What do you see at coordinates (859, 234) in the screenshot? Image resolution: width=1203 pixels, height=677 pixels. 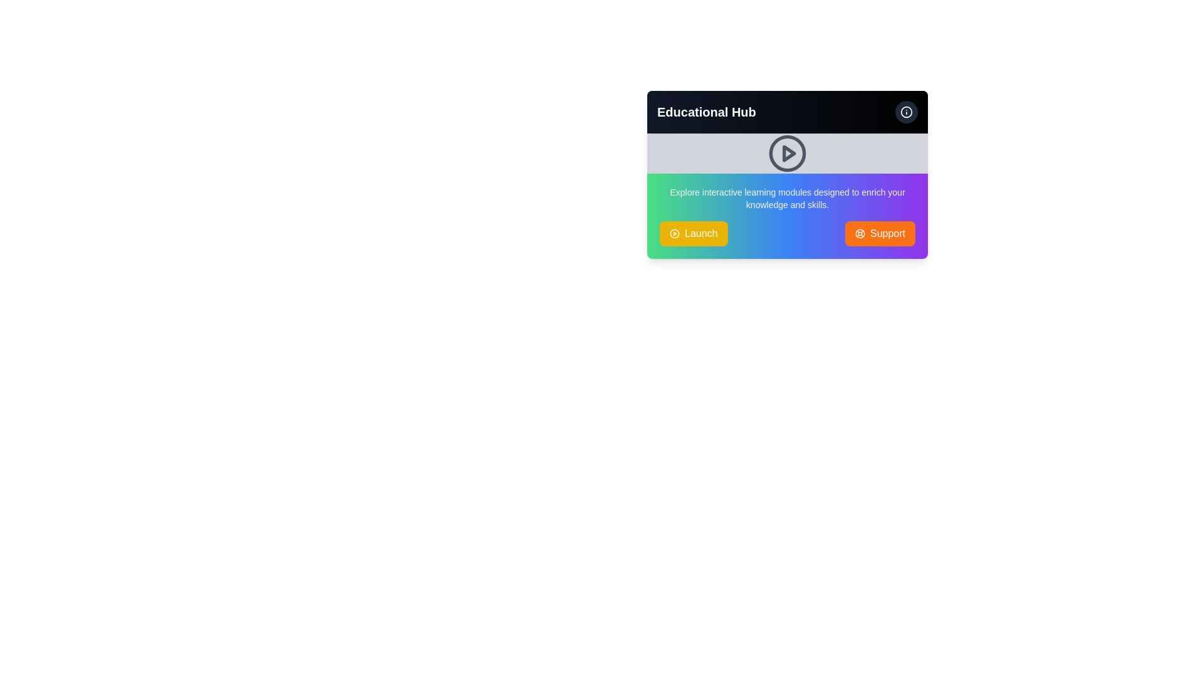 I see `the decorative SVG icon that symbolizes help or assistance, located to the left of the 'Support' button at the bottom right of the card interface` at bounding box center [859, 234].